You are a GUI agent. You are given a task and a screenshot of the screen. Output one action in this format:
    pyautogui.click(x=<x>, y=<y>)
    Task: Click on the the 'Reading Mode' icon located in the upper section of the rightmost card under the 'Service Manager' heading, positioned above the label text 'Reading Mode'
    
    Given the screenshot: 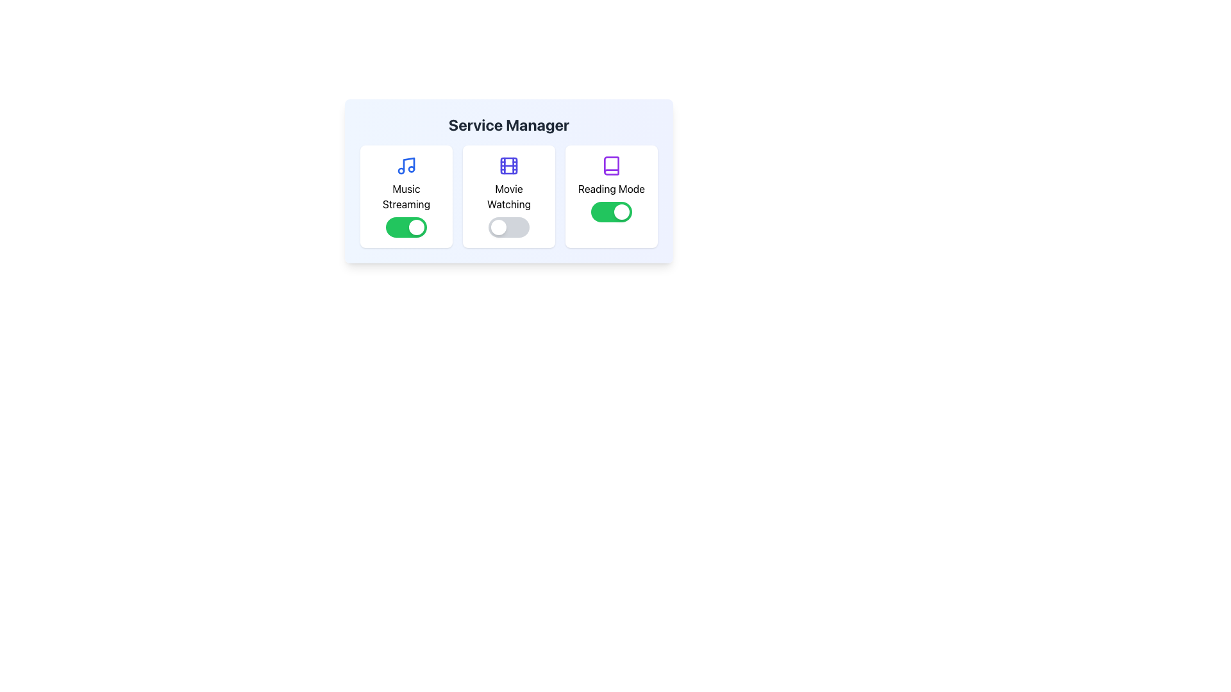 What is the action you would take?
    pyautogui.click(x=611, y=165)
    